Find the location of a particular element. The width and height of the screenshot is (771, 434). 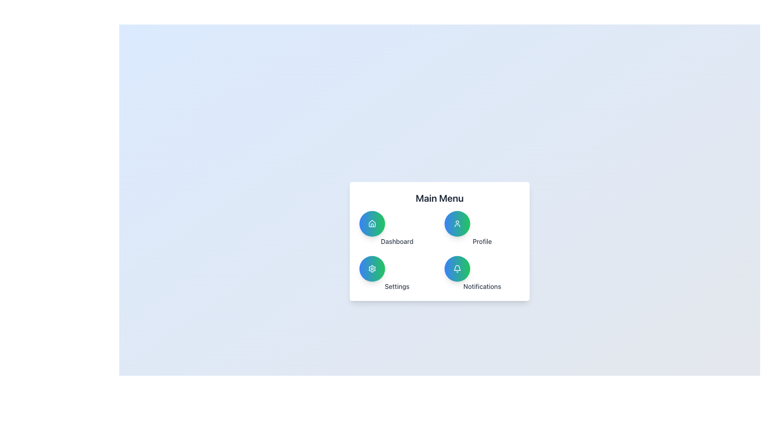

the 'Notifications' text label, which is styled with a gray font and located below the bell icon in the lower right corner of the main menu interface card is located at coordinates (482, 286).